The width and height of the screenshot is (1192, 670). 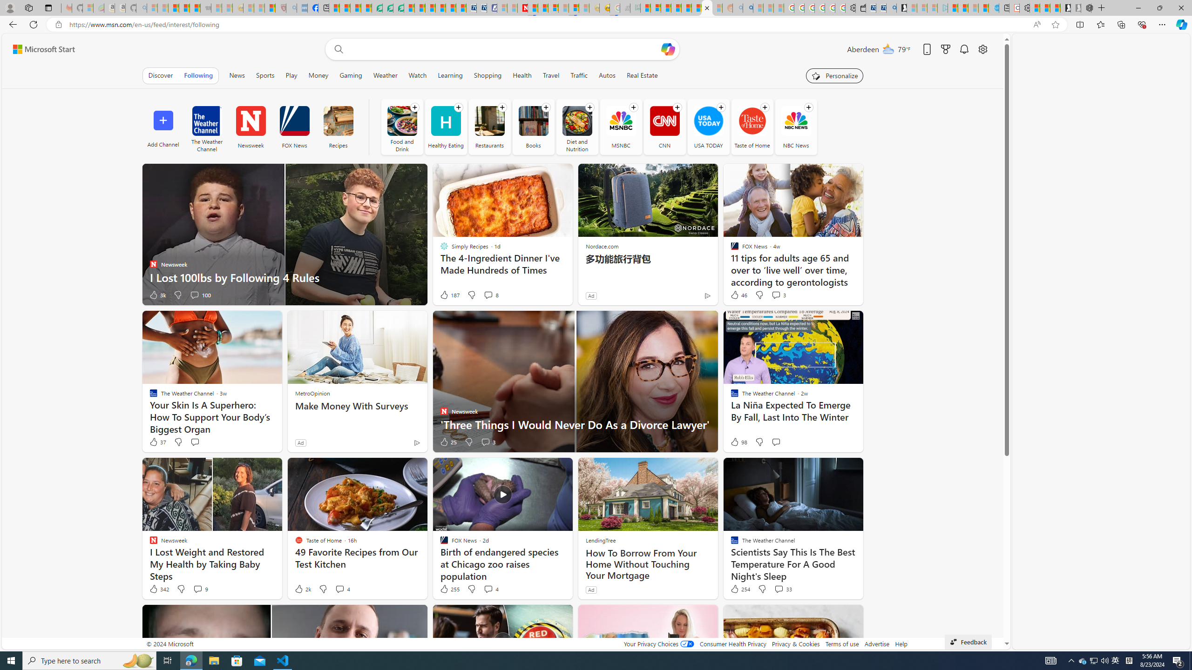 What do you see at coordinates (488, 442) in the screenshot?
I see `'View comments 3 Comment'` at bounding box center [488, 442].